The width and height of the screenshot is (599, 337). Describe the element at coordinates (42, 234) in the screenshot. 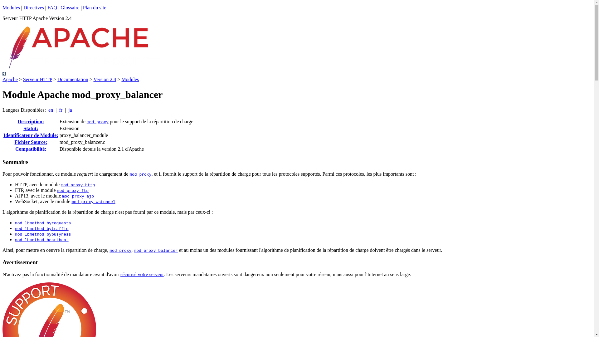

I see `'mod_lbmethod_bybusyness'` at that location.